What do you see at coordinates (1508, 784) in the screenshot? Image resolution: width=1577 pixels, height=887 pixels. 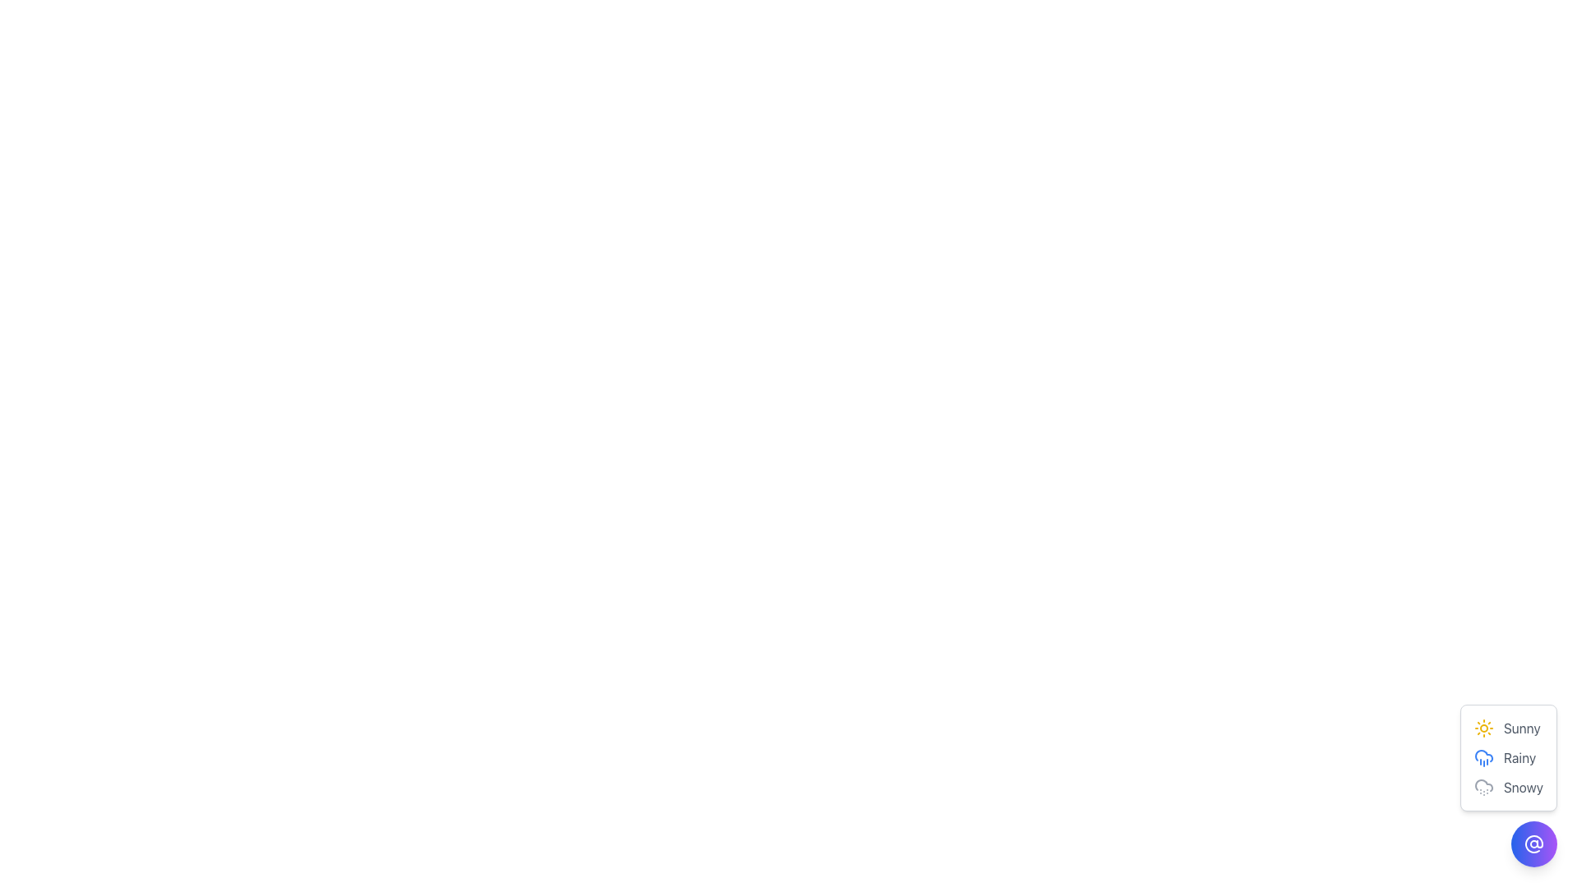 I see `the third list item representing the 'Snowy' weather condition` at bounding box center [1508, 784].